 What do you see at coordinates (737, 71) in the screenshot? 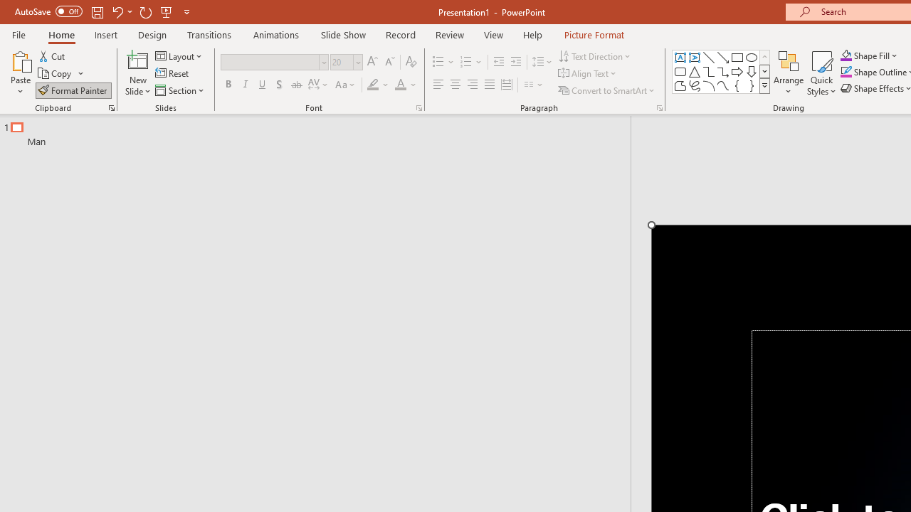
I see `'Arrow: Right'` at bounding box center [737, 71].